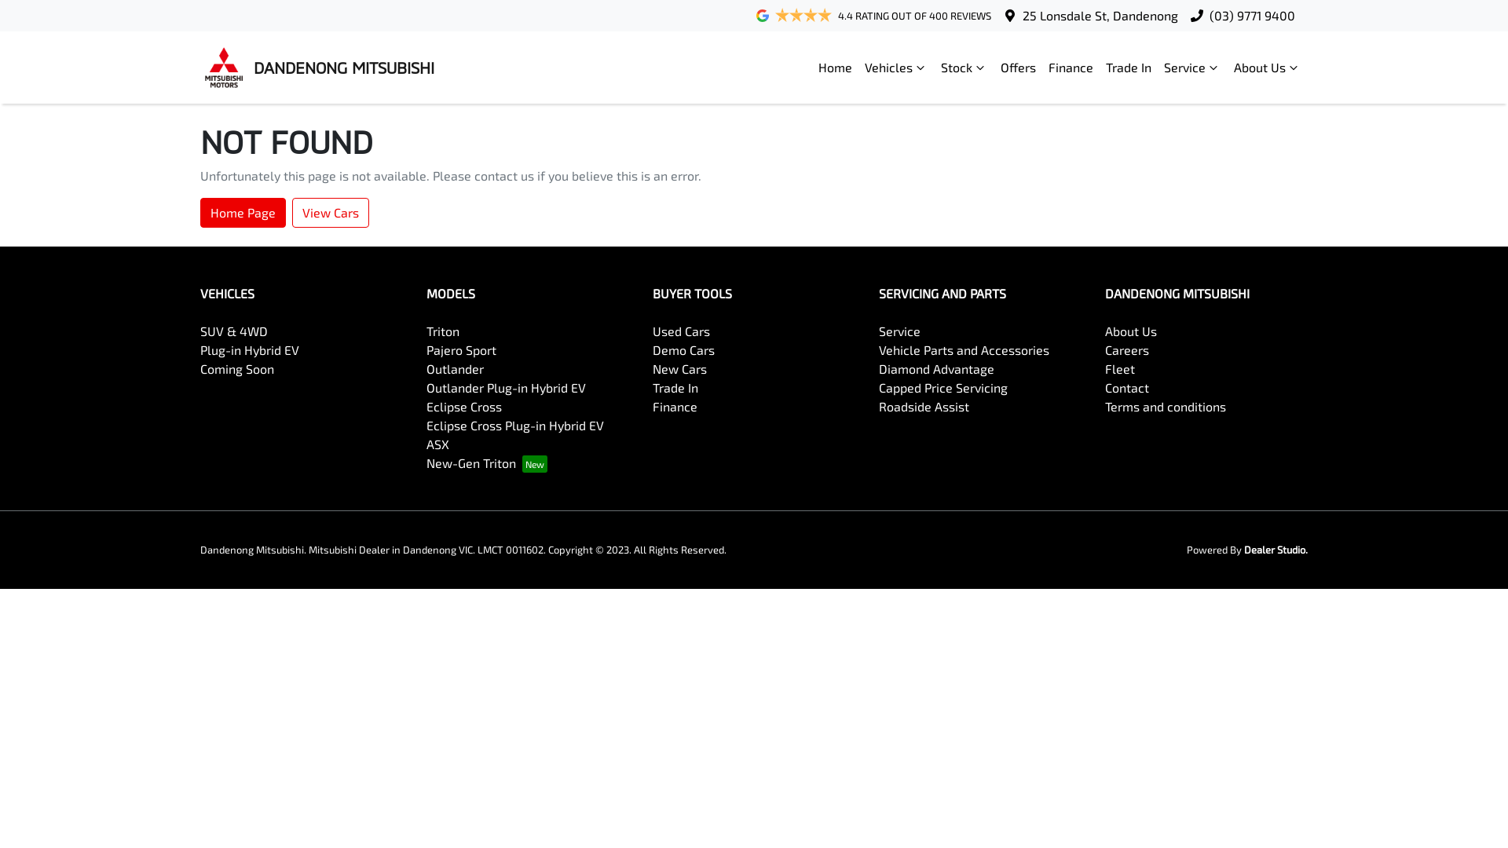 This screenshot has height=848, width=1508. Describe the element at coordinates (437, 444) in the screenshot. I see `'ASX'` at that location.